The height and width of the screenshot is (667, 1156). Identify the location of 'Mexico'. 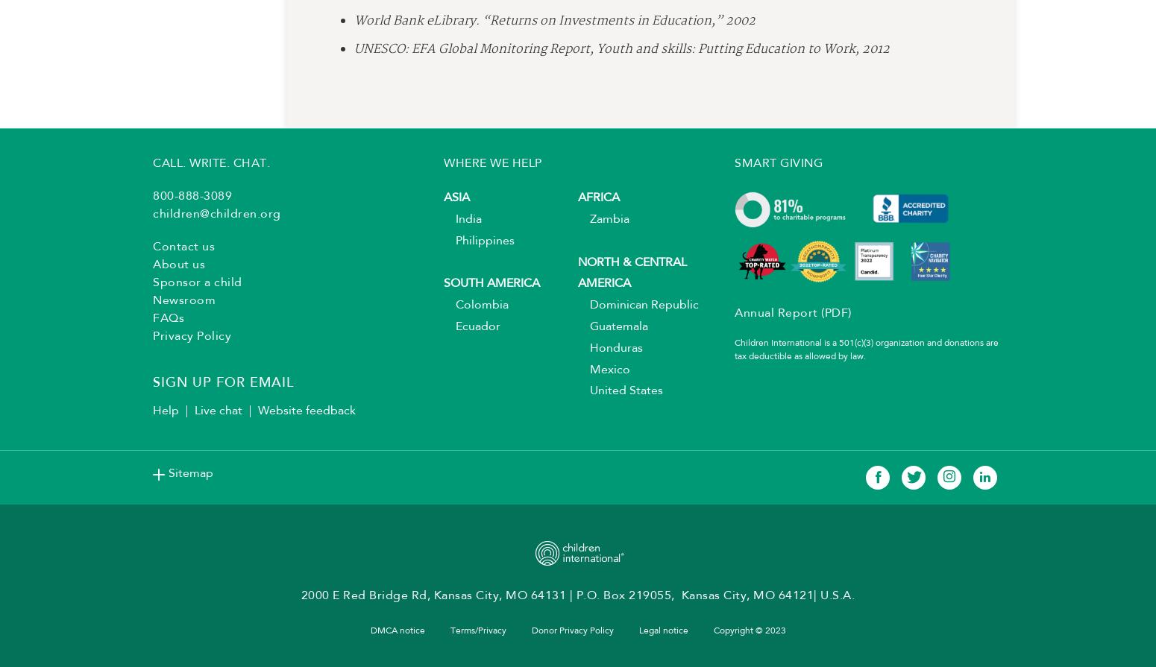
(603, 374).